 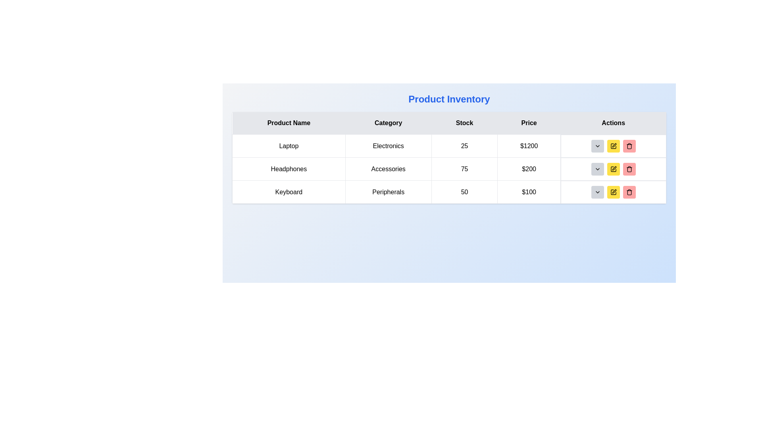 What do you see at coordinates (613, 192) in the screenshot?
I see `the editing button, which is the second button from the left in the 'Actions' column of the last row of the table` at bounding box center [613, 192].